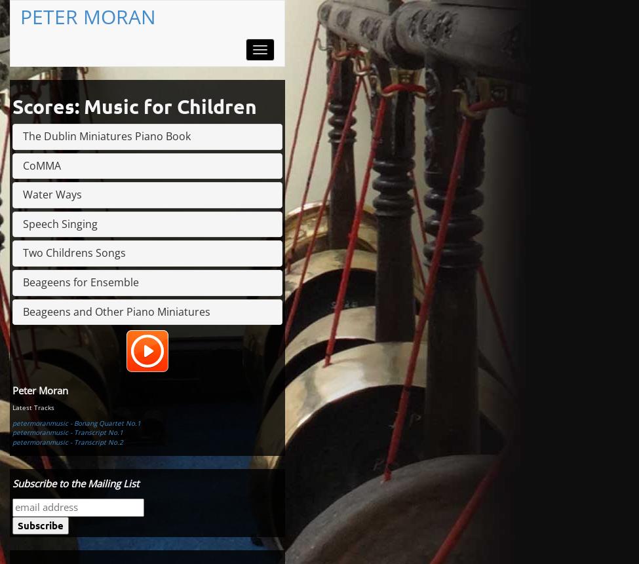  I want to click on 'Speech Singing', so click(60, 223).